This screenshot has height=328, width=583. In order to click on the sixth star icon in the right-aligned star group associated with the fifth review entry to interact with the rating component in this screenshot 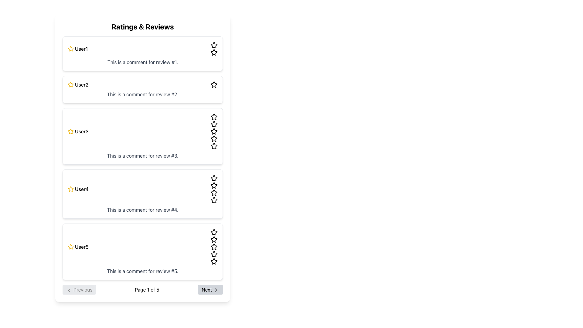, I will do `click(214, 254)`.